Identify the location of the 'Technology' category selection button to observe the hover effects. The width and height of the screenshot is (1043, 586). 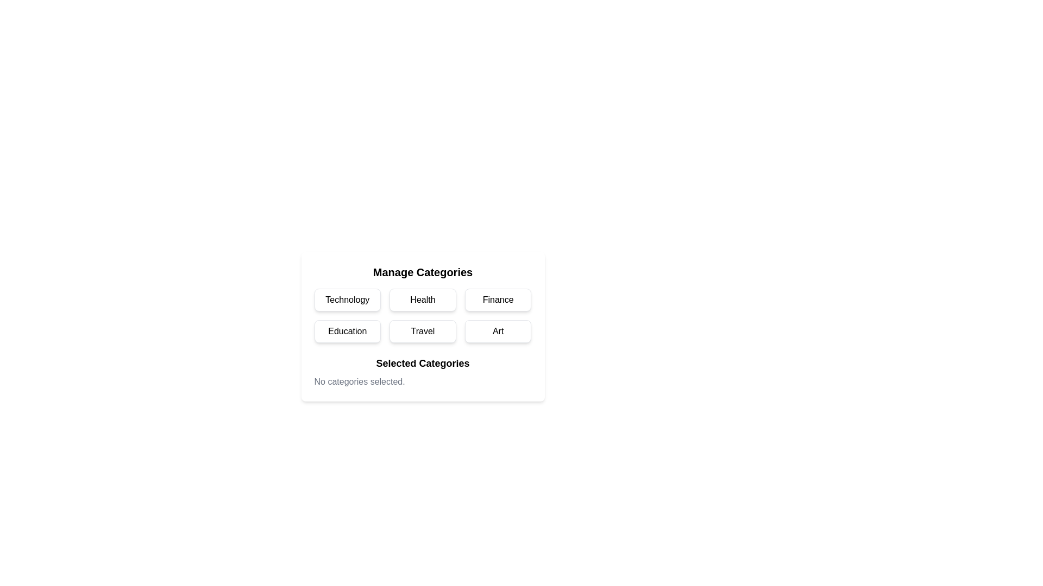
(347, 300).